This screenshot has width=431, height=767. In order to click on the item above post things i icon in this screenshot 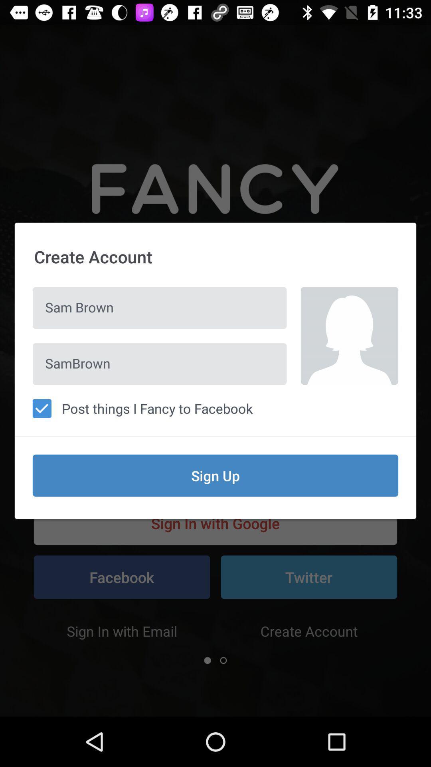, I will do `click(160, 364)`.